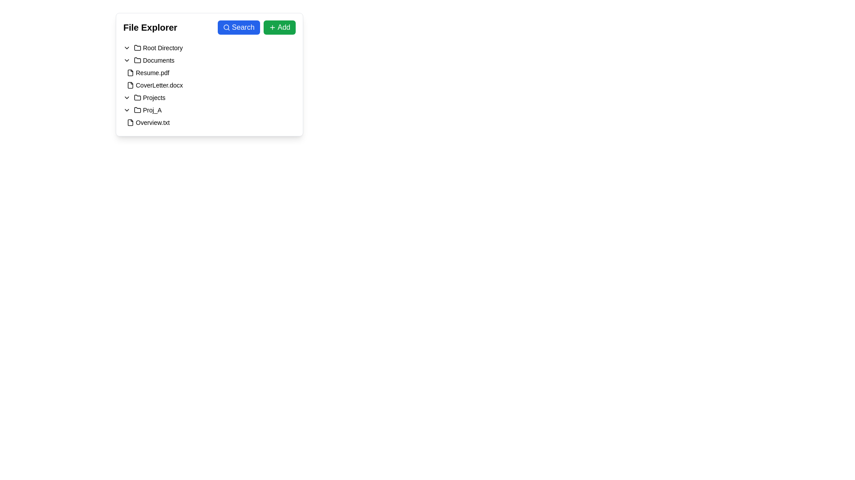 This screenshot has height=480, width=855. What do you see at coordinates (226, 27) in the screenshot?
I see `decorative circle component of the magnifying glass icon located adjacent to the blue 'Search' button in the header section of the File Explorer interface` at bounding box center [226, 27].